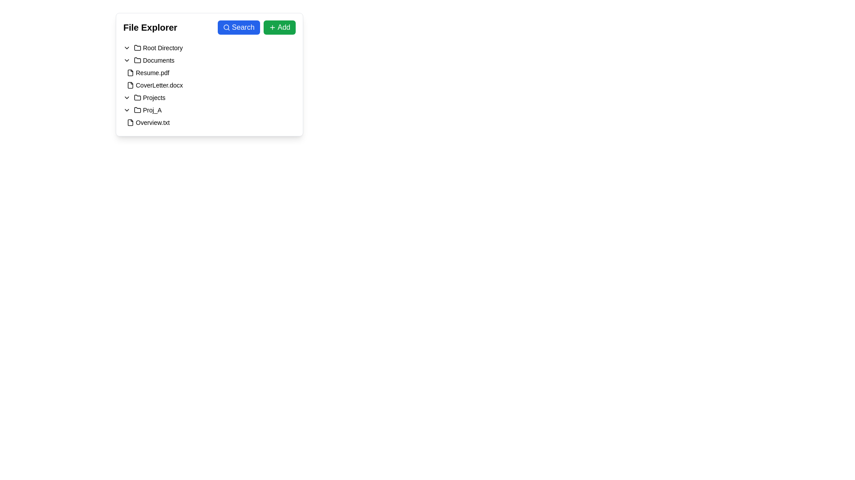 This screenshot has height=480, width=855. What do you see at coordinates (226, 27) in the screenshot?
I see `decorative circle component of the magnifying glass icon located adjacent to the blue 'Search' button in the header section of the File Explorer interface` at bounding box center [226, 27].